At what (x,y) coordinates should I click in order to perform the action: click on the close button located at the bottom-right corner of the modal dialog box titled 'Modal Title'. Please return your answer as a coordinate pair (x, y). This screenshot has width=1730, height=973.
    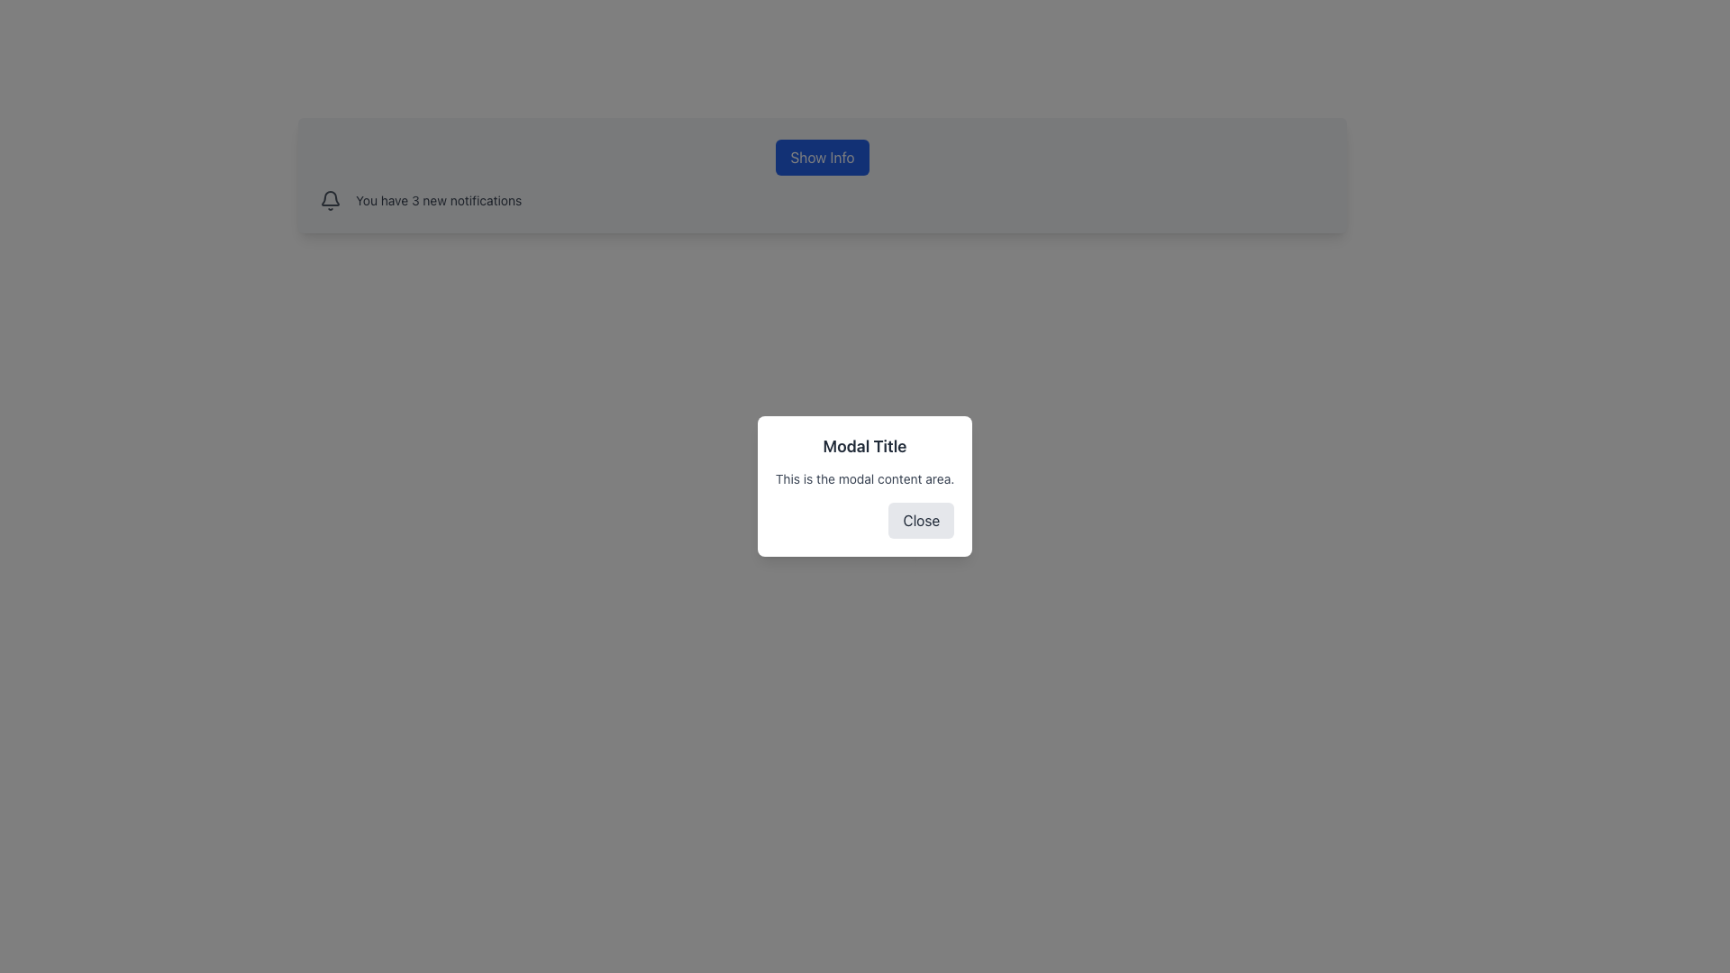
    Looking at the image, I should click on (921, 521).